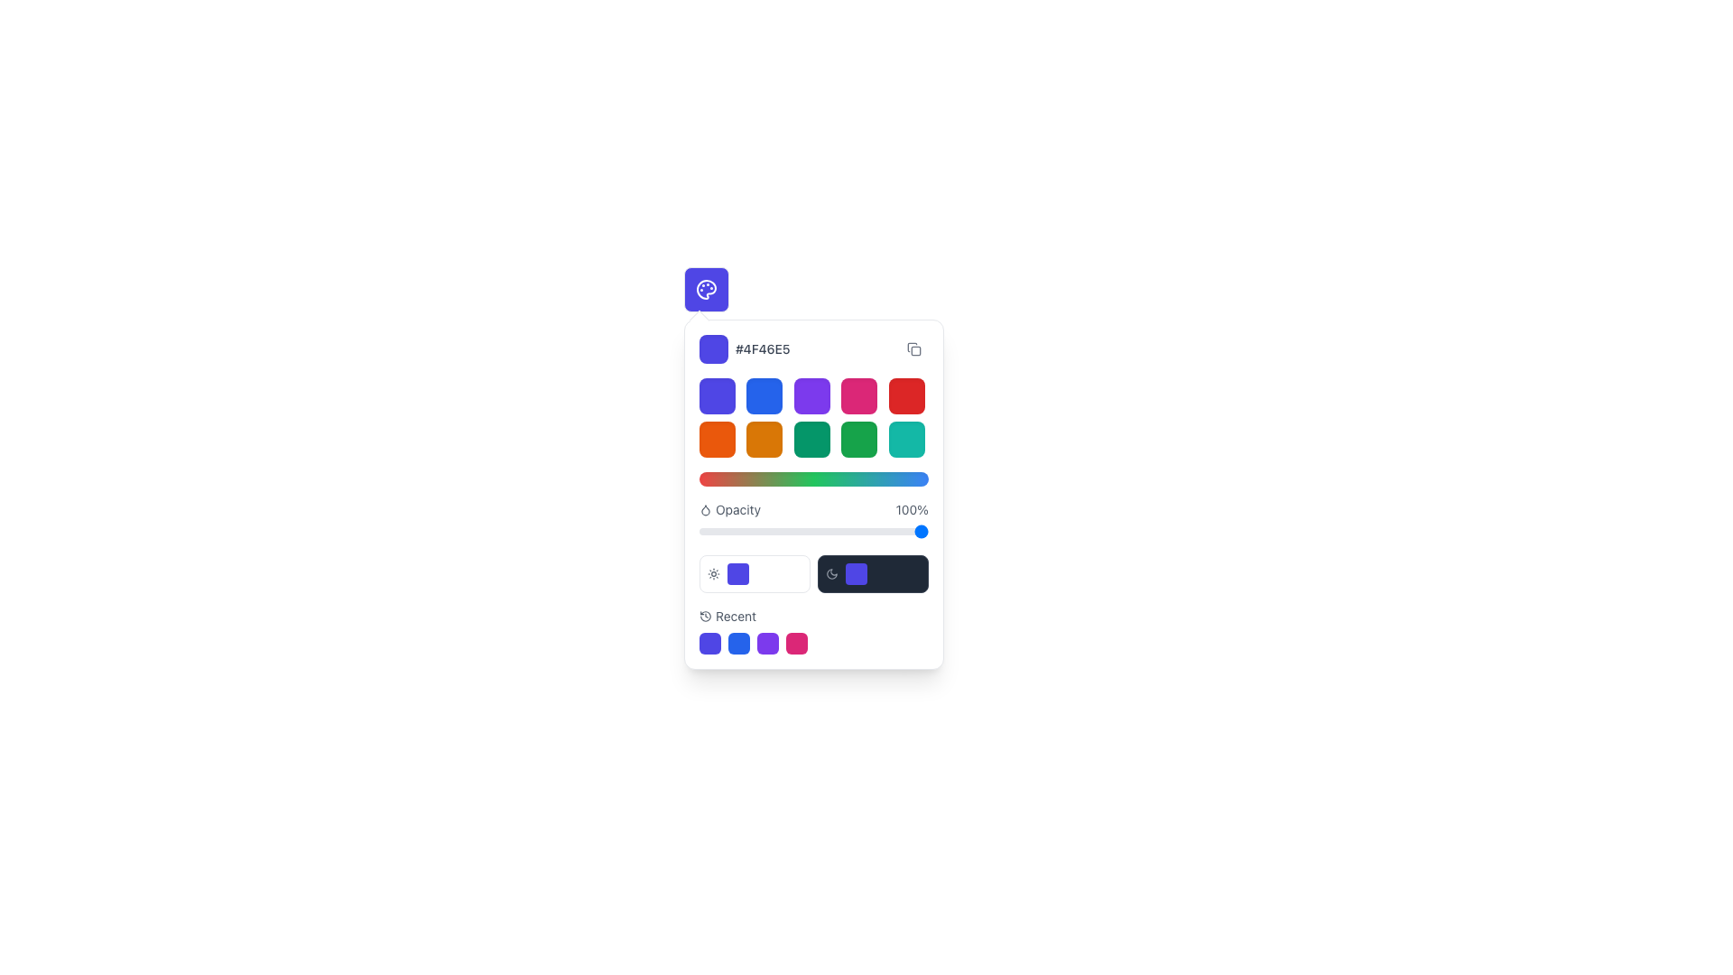  What do you see at coordinates (745, 348) in the screenshot?
I see `the color swatch element displaying the color code '#4F46E5'` at bounding box center [745, 348].